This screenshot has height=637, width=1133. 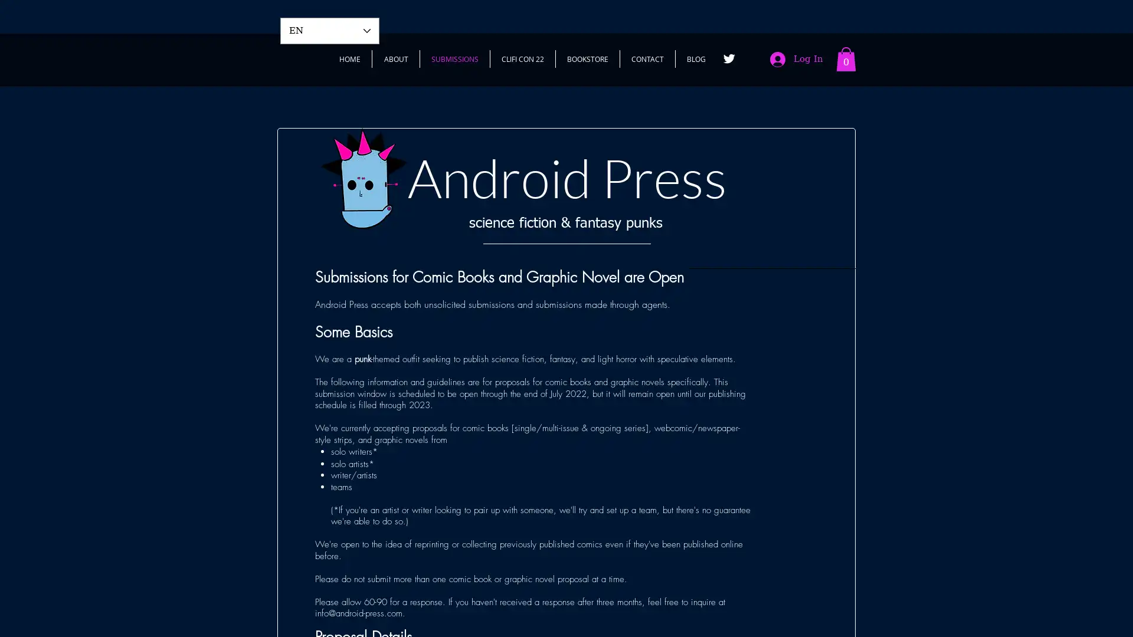 What do you see at coordinates (846, 59) in the screenshot?
I see `Cart with 0 items` at bounding box center [846, 59].